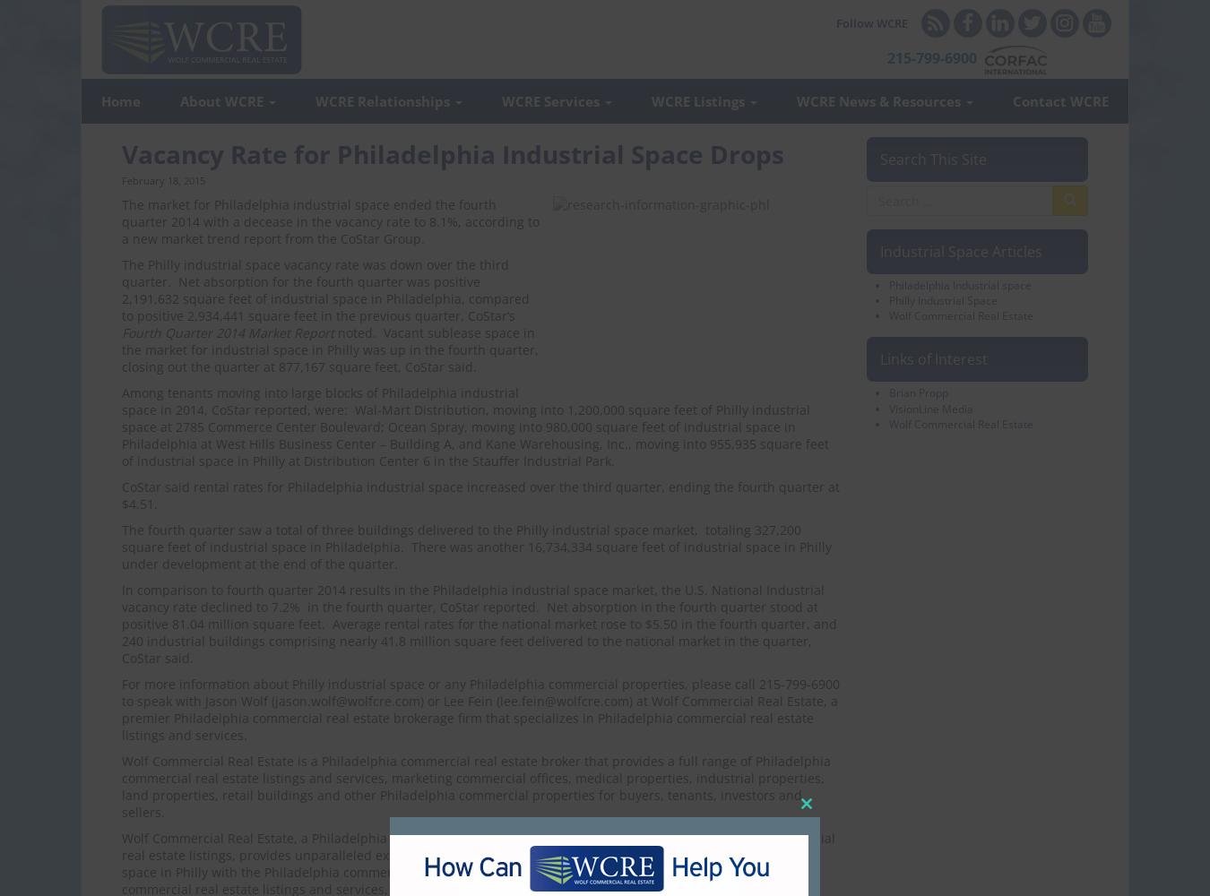 Image resolution: width=1210 pixels, height=896 pixels. I want to click on 'noted.  Vacant sublease space in the market for industrial space in Philly was up in the fourth quarter, closing out the quarter at 877,167 square feet, CoStar said.', so click(330, 349).